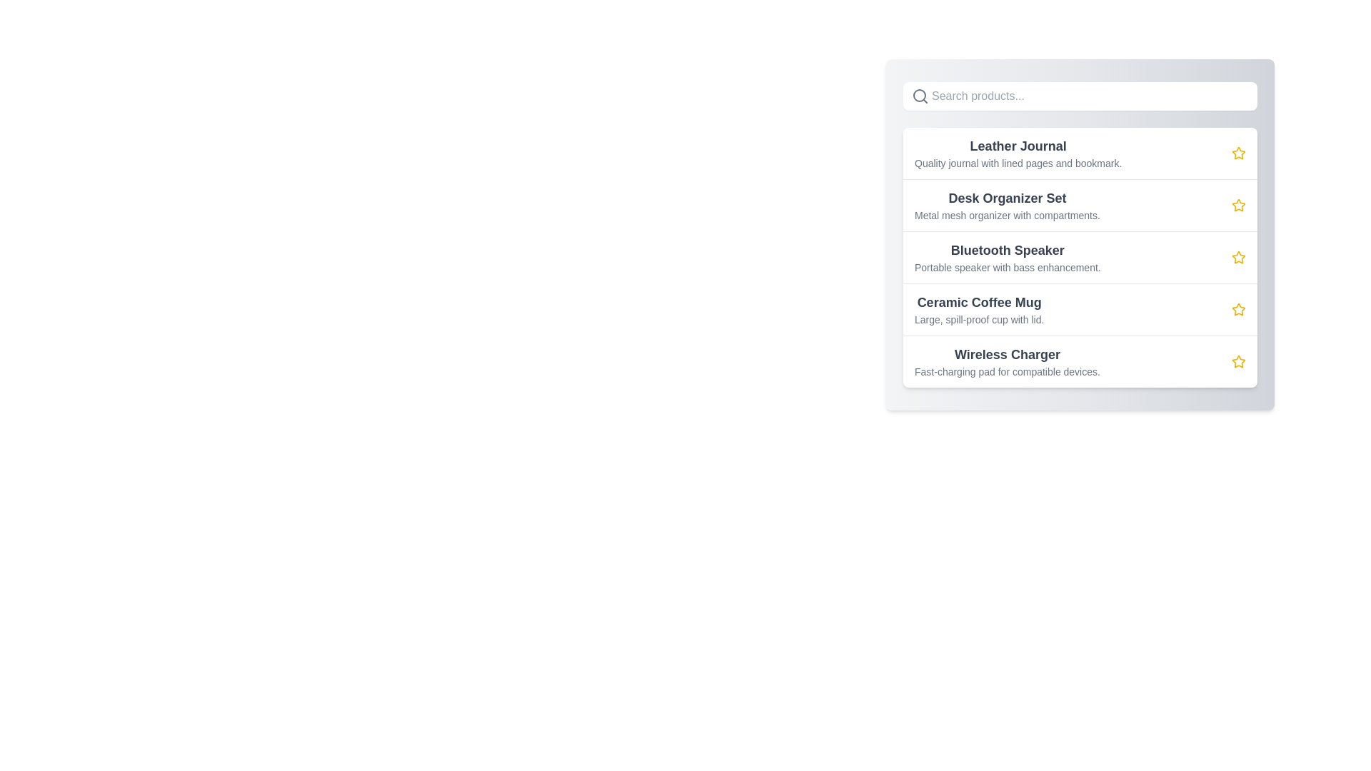 Image resolution: width=1371 pixels, height=771 pixels. I want to click on the Information Display Block for the 'Wireless Charger' product, so click(1007, 361).